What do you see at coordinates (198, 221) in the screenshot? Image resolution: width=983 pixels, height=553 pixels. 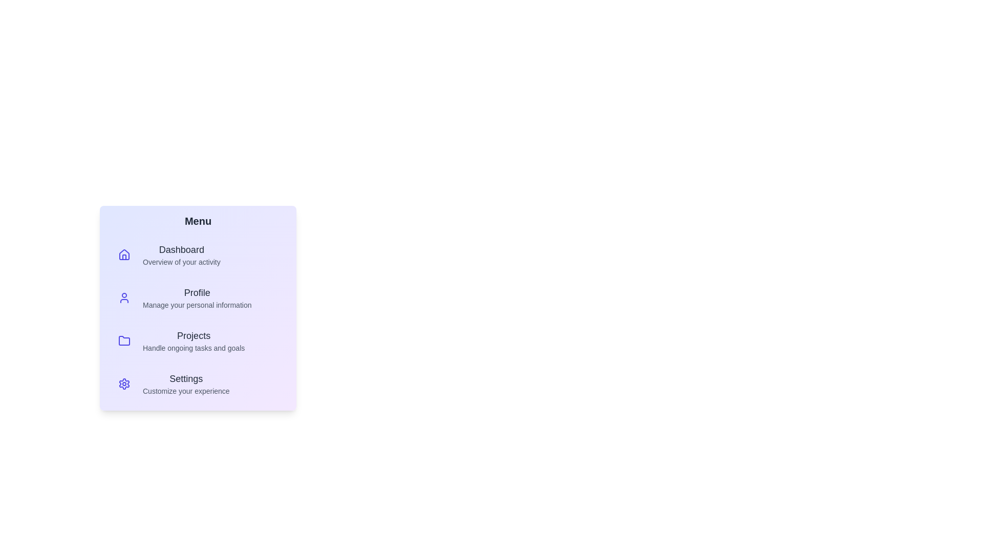 I see `the sidebar header text labeled 'Menu'` at bounding box center [198, 221].